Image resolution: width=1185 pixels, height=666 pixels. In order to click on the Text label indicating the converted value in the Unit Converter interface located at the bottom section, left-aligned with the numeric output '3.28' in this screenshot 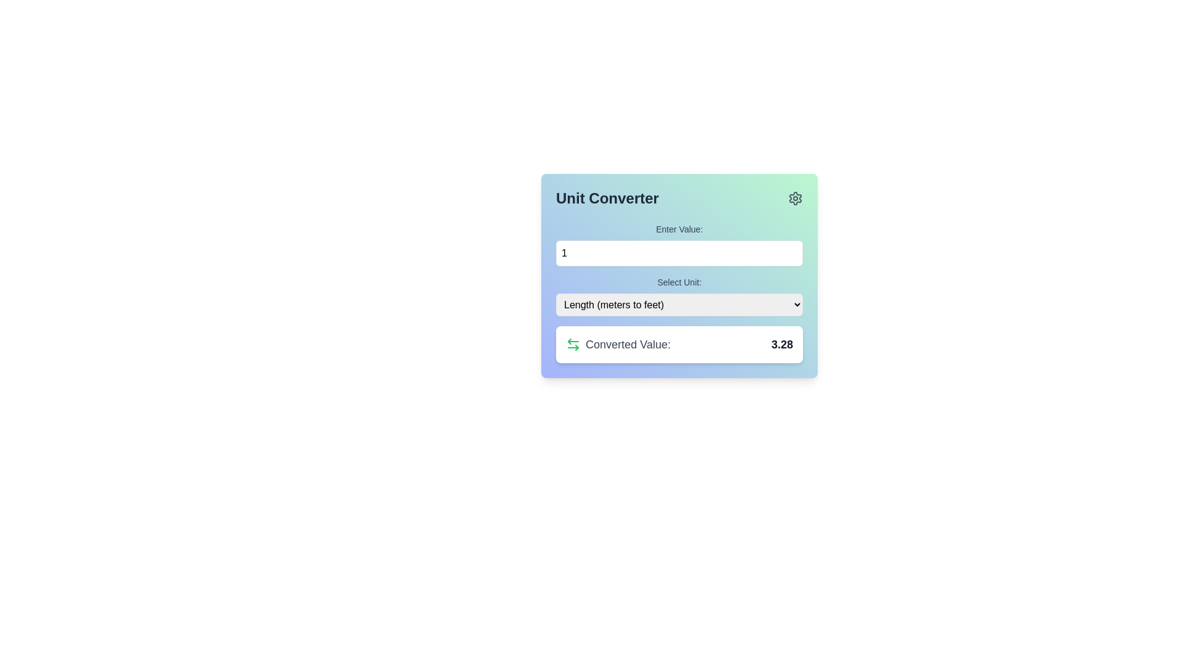, I will do `click(618, 345)`.